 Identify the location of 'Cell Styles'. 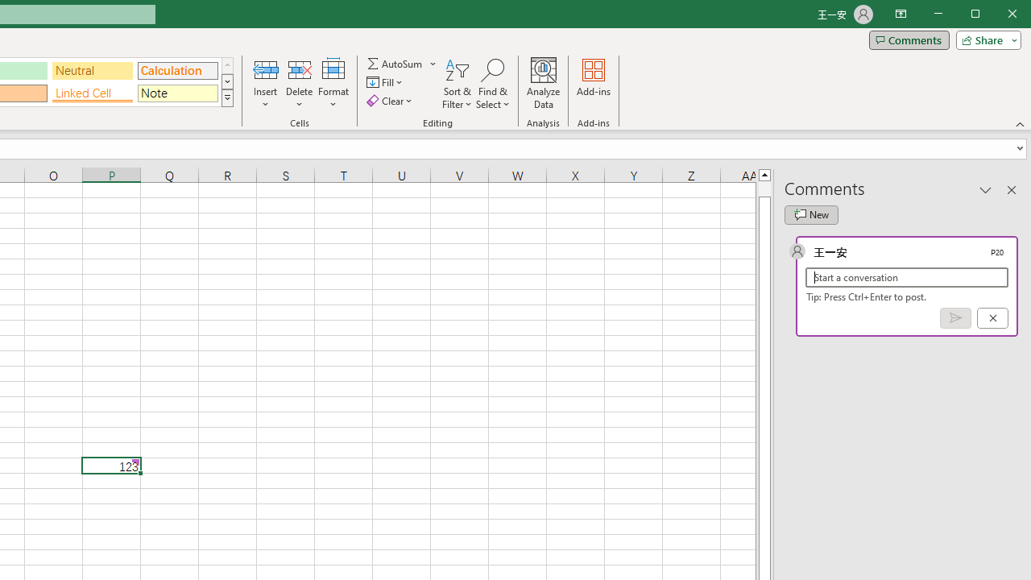
(226, 98).